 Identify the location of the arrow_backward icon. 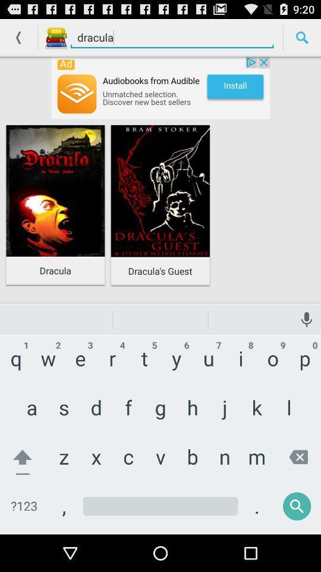
(18, 40).